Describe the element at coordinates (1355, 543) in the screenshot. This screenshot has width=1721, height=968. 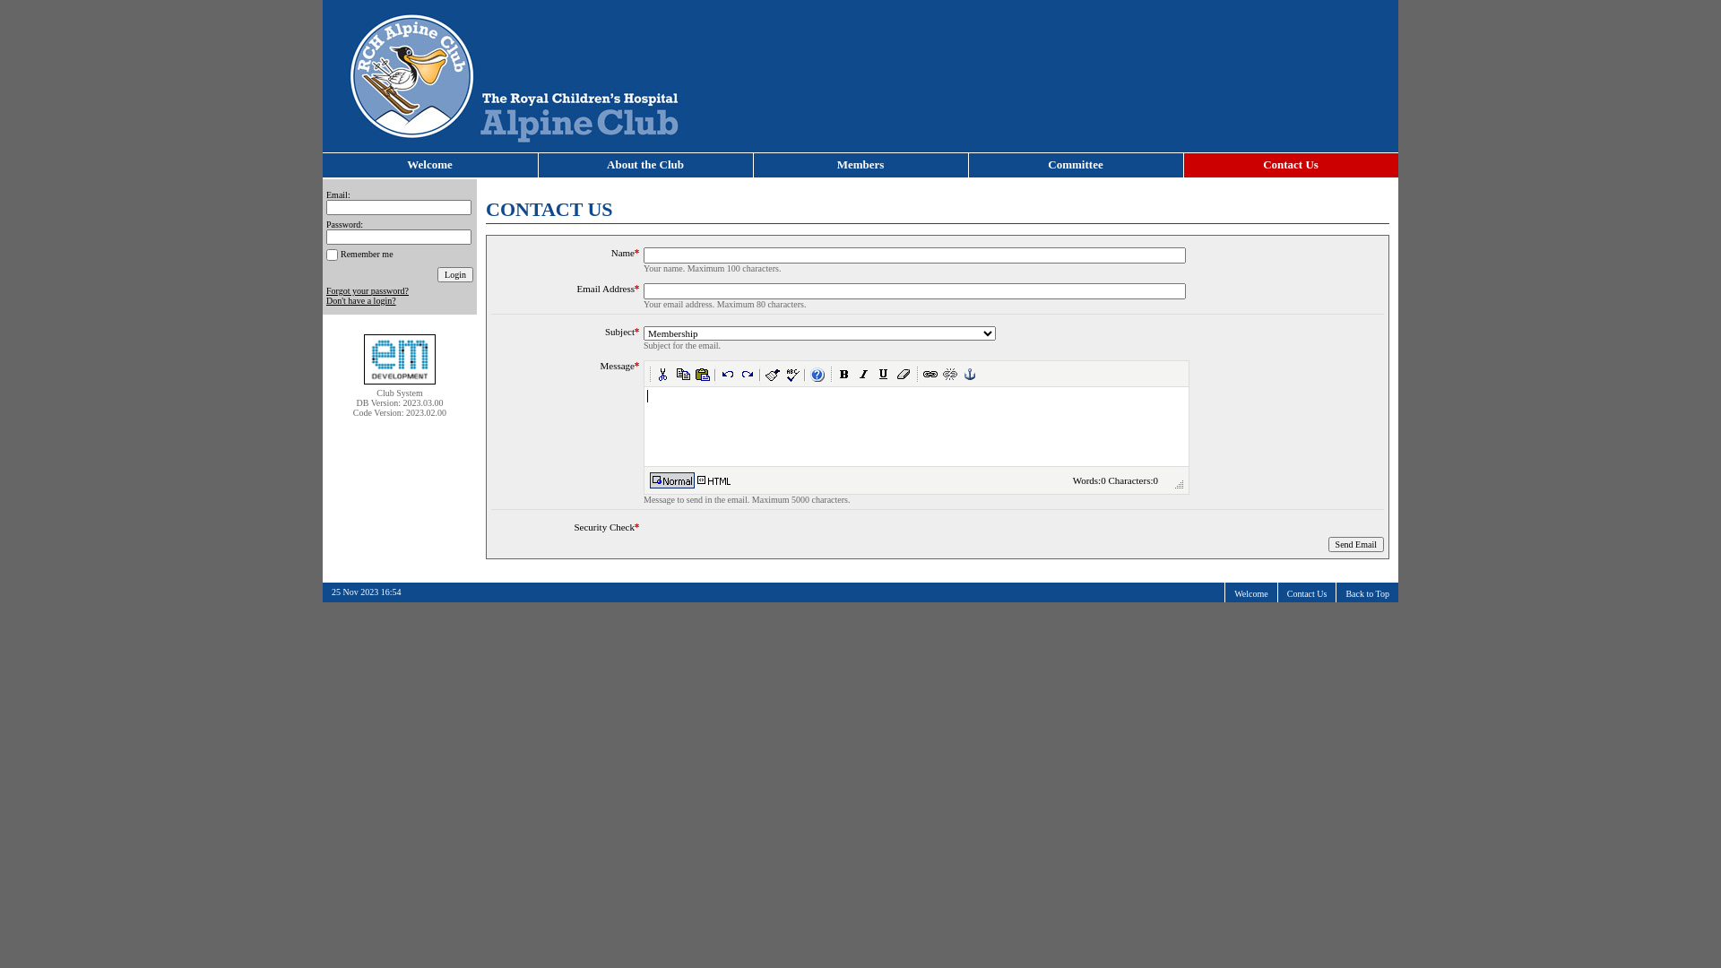
I see `'Send Email'` at that location.